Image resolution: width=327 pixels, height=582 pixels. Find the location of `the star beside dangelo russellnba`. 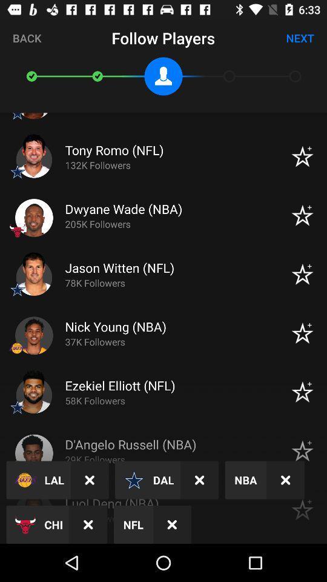

the star beside dangelo russellnba is located at coordinates (302, 450).